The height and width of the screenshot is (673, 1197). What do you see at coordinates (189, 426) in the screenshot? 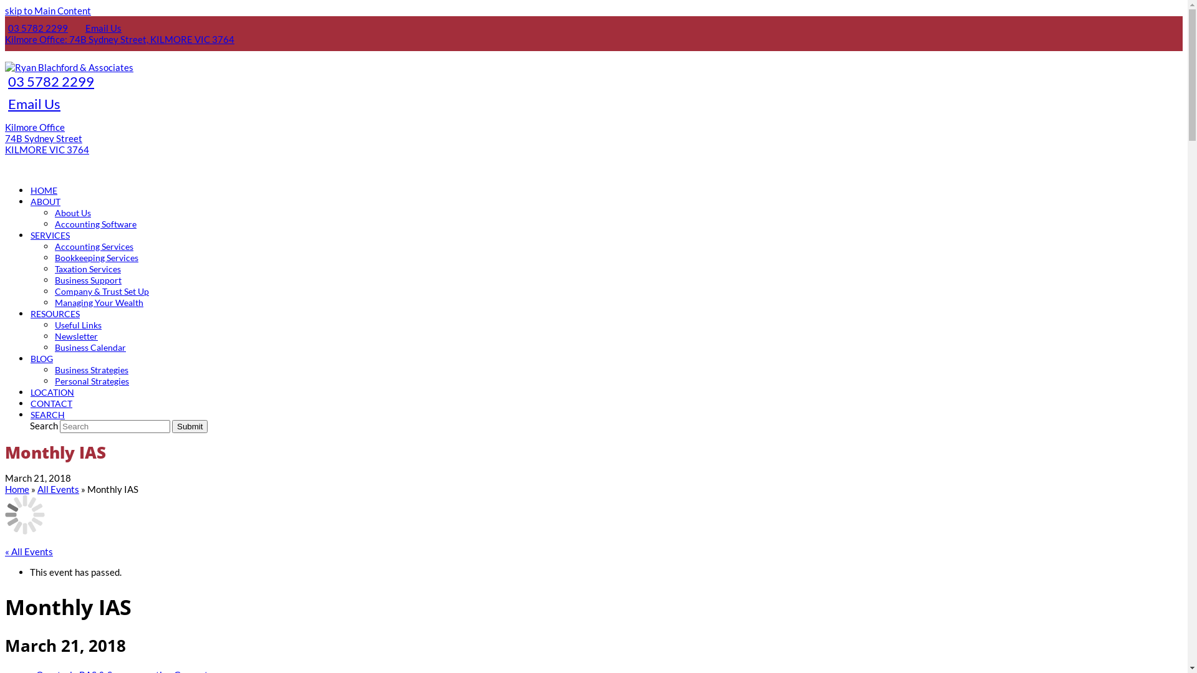
I see `'Submit'` at bounding box center [189, 426].